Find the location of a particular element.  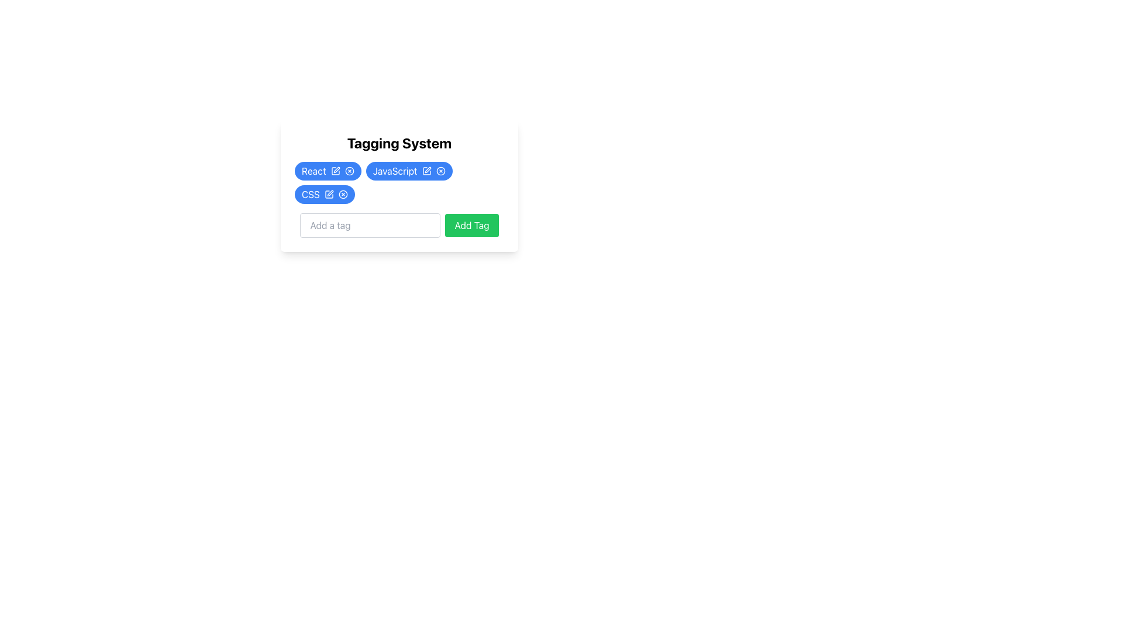

the delete icon button for the 'CSS' tag located at the far right of the bottom row in the 'Tagging System' interface is located at coordinates (342, 193).